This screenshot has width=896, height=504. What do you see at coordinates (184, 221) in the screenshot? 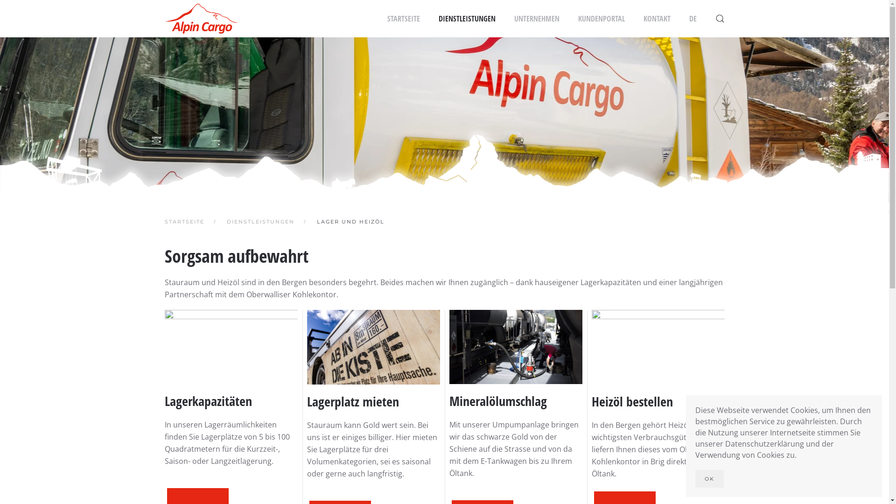
I see `'STARTSEITE'` at bounding box center [184, 221].